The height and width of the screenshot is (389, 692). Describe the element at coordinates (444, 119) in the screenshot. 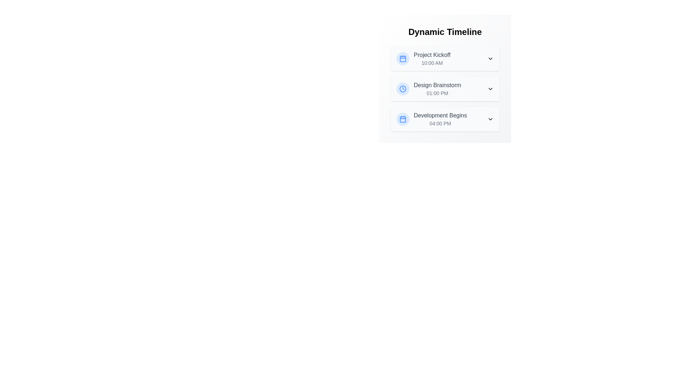

I see `text of the List item displaying the calendar-related icon and the event details 'Development Begins' followed by the time '04:00 PM', positioned as the third card in the timeline` at that location.